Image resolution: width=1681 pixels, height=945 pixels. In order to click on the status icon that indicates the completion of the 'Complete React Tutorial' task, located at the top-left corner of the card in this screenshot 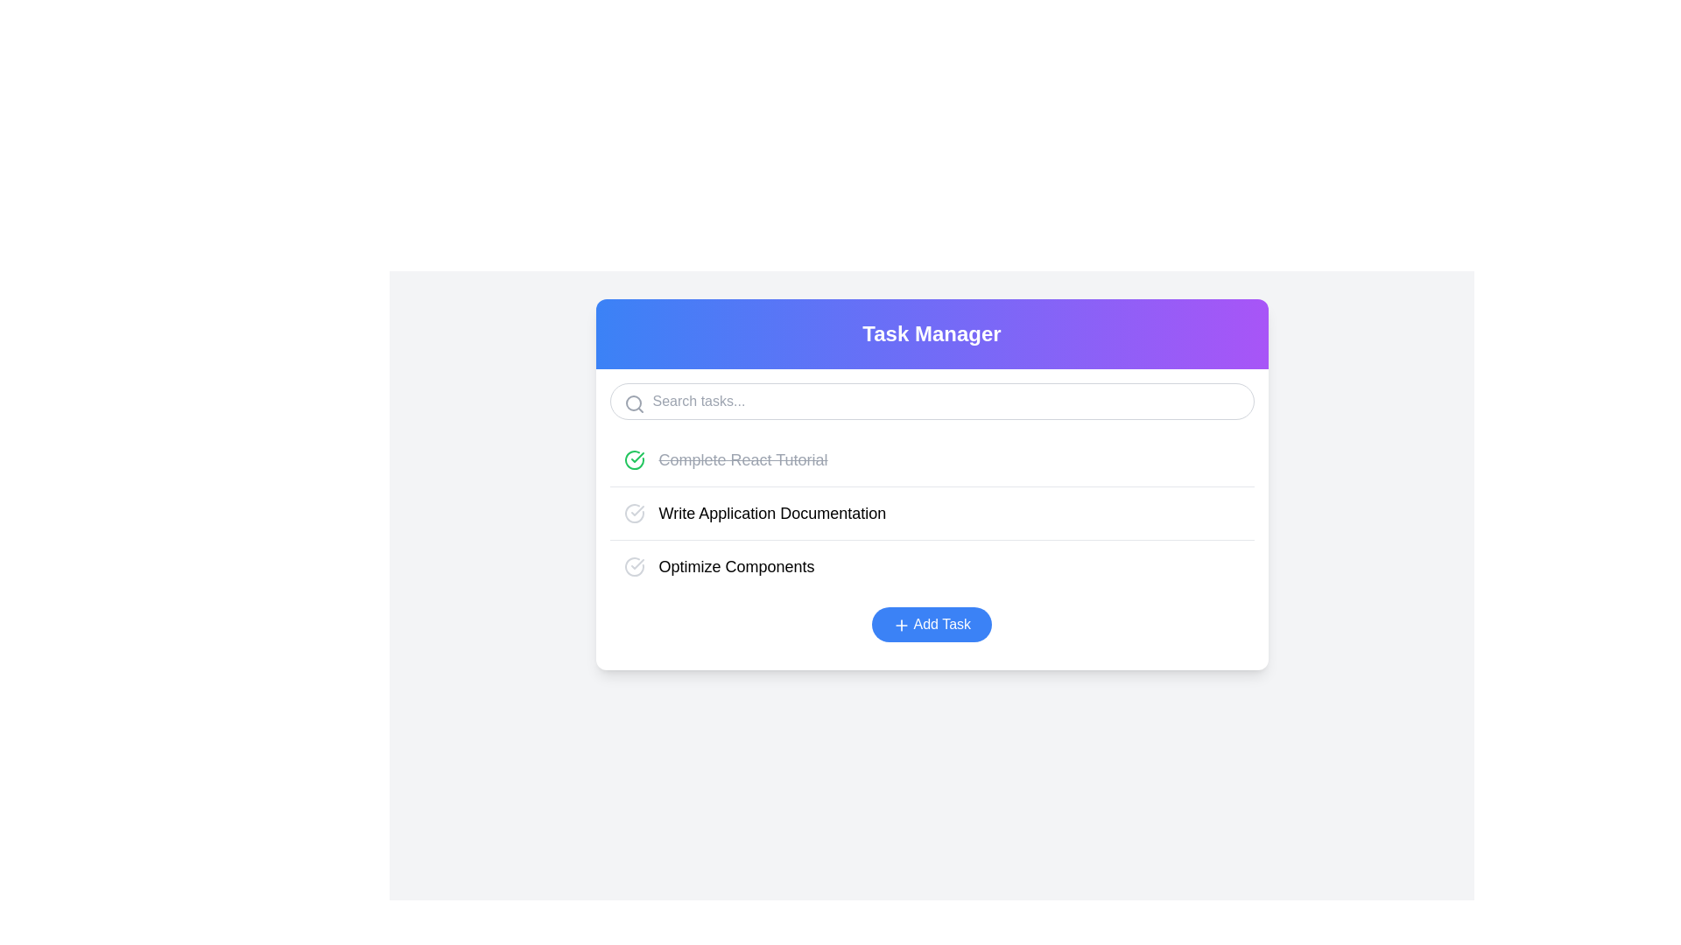, I will do `click(633, 458)`.